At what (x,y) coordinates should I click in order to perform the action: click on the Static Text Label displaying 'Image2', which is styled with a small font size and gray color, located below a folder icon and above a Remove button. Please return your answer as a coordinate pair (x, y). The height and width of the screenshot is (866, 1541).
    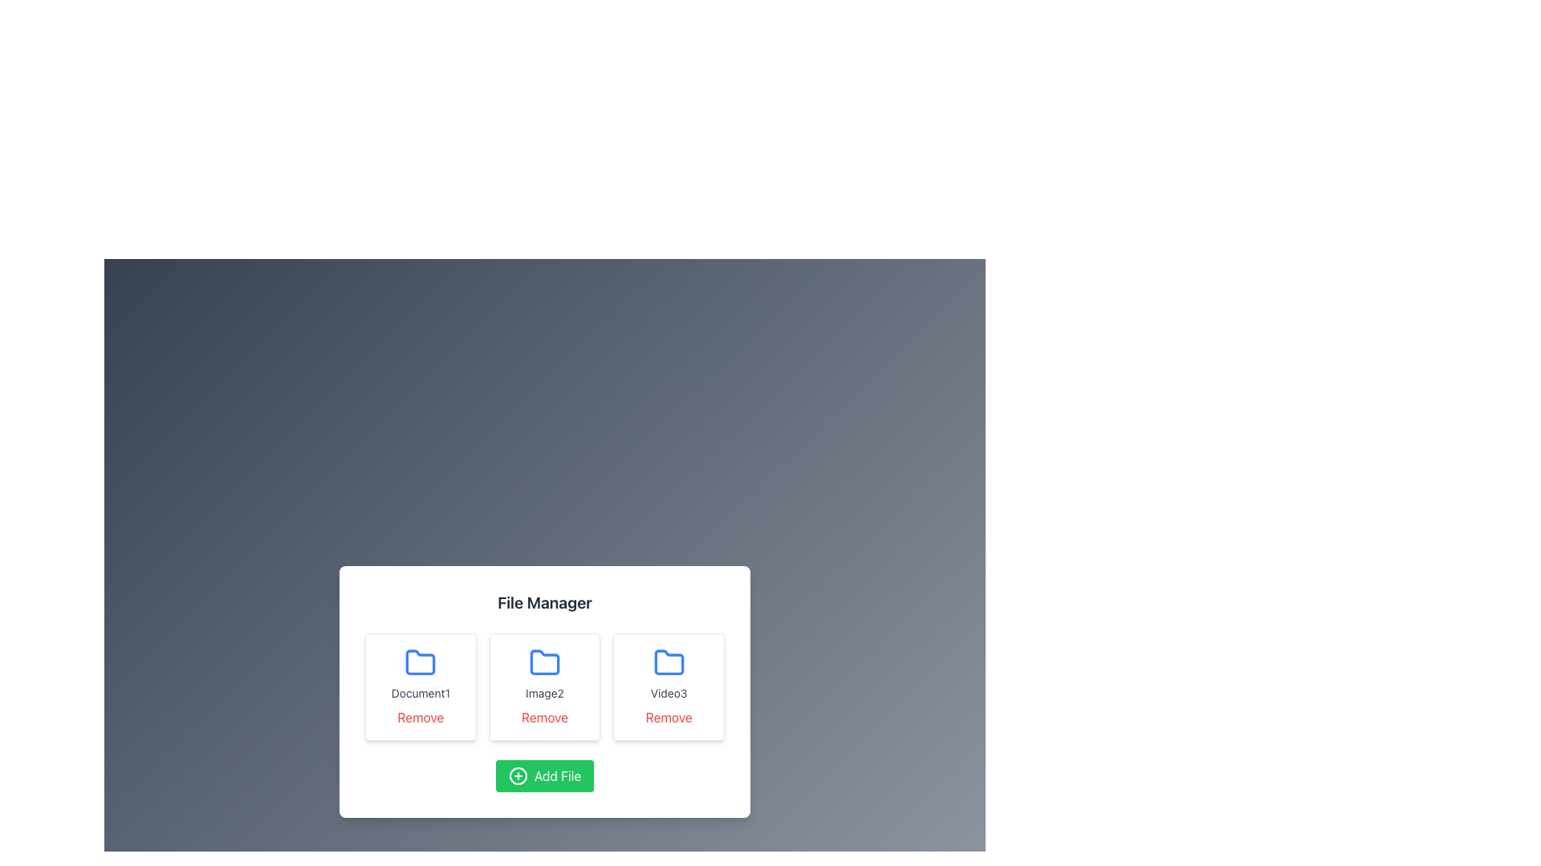
    Looking at the image, I should click on (544, 692).